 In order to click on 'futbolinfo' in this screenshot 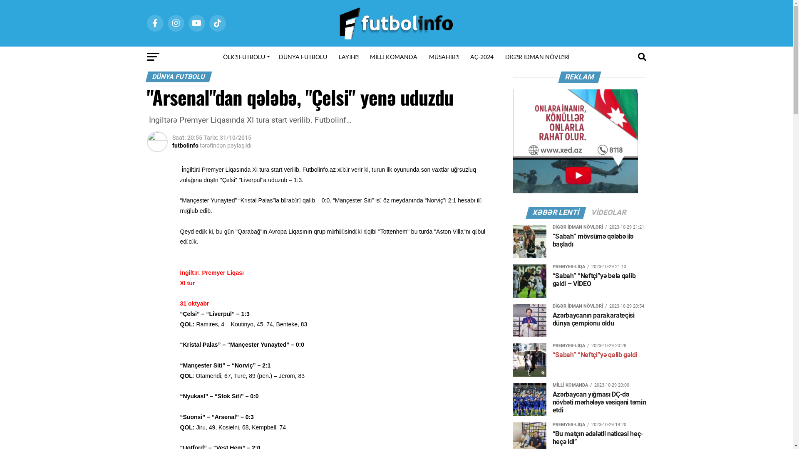, I will do `click(185, 145)`.